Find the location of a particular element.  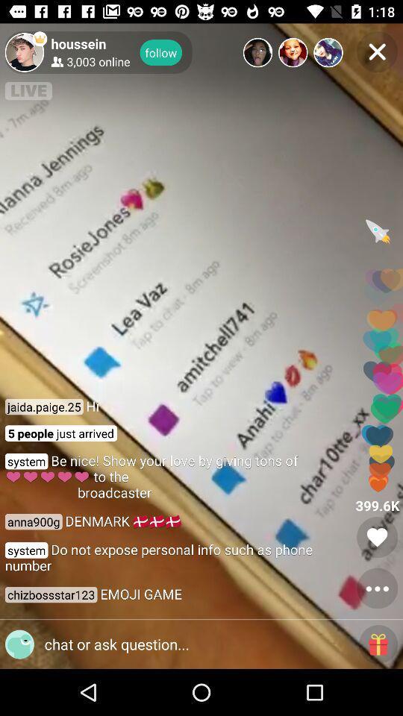

the gift icon is located at coordinates (378, 644).